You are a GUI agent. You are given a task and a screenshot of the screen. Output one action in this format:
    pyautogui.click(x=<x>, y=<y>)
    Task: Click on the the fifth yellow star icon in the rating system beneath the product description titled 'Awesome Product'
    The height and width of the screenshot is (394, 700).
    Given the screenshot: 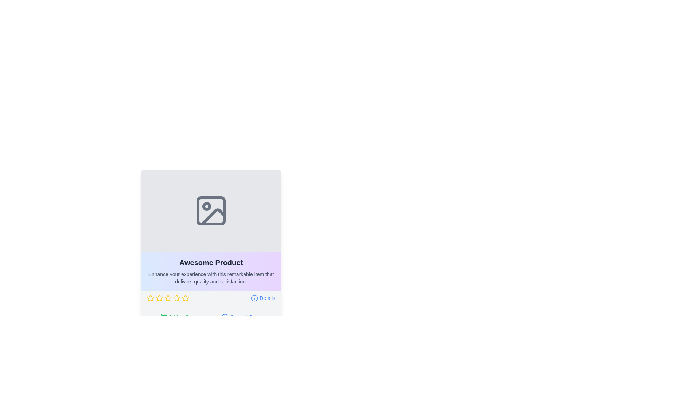 What is the action you would take?
    pyautogui.click(x=176, y=298)
    